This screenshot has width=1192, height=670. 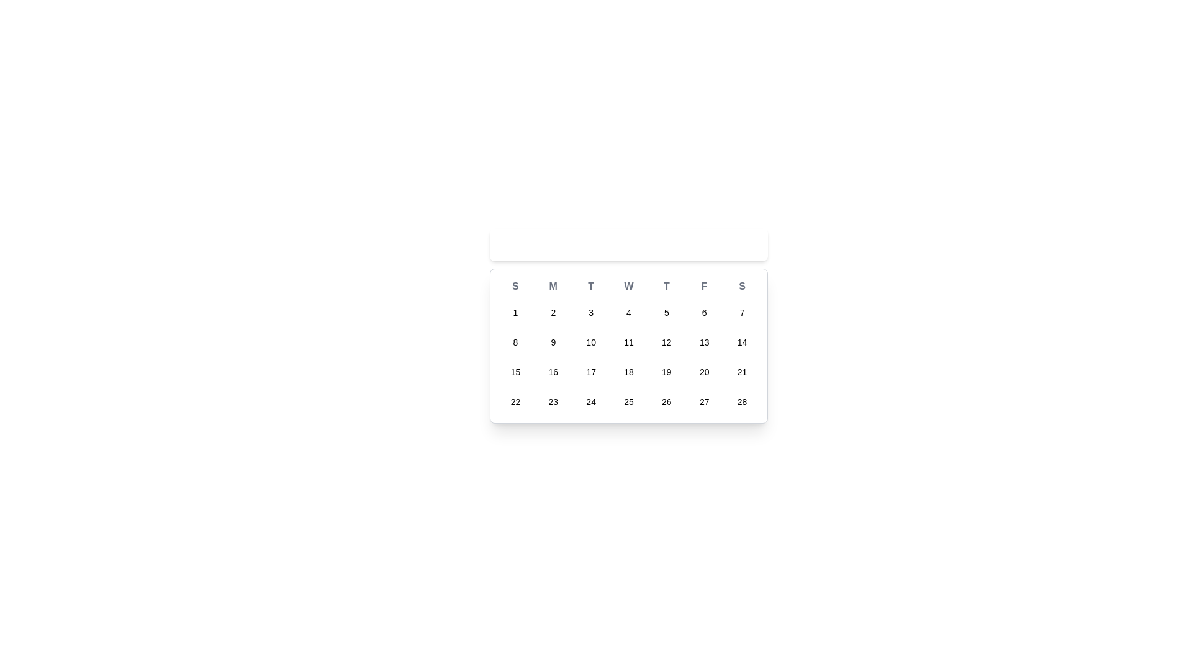 I want to click on the text label indicating 'Wednesday' in the calendar layout, which is the fourth element in a horizontal grid of weekdays, so click(x=628, y=287).